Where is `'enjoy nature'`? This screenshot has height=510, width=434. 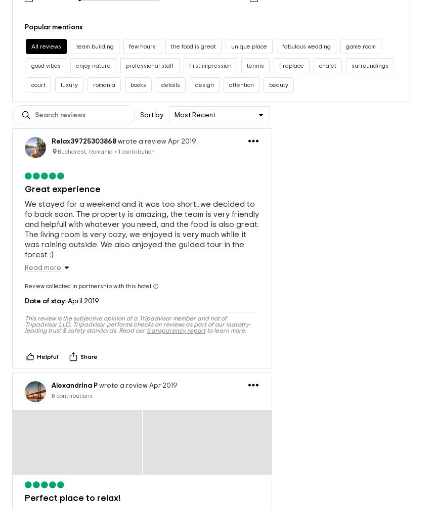
'enjoy nature' is located at coordinates (93, 54).